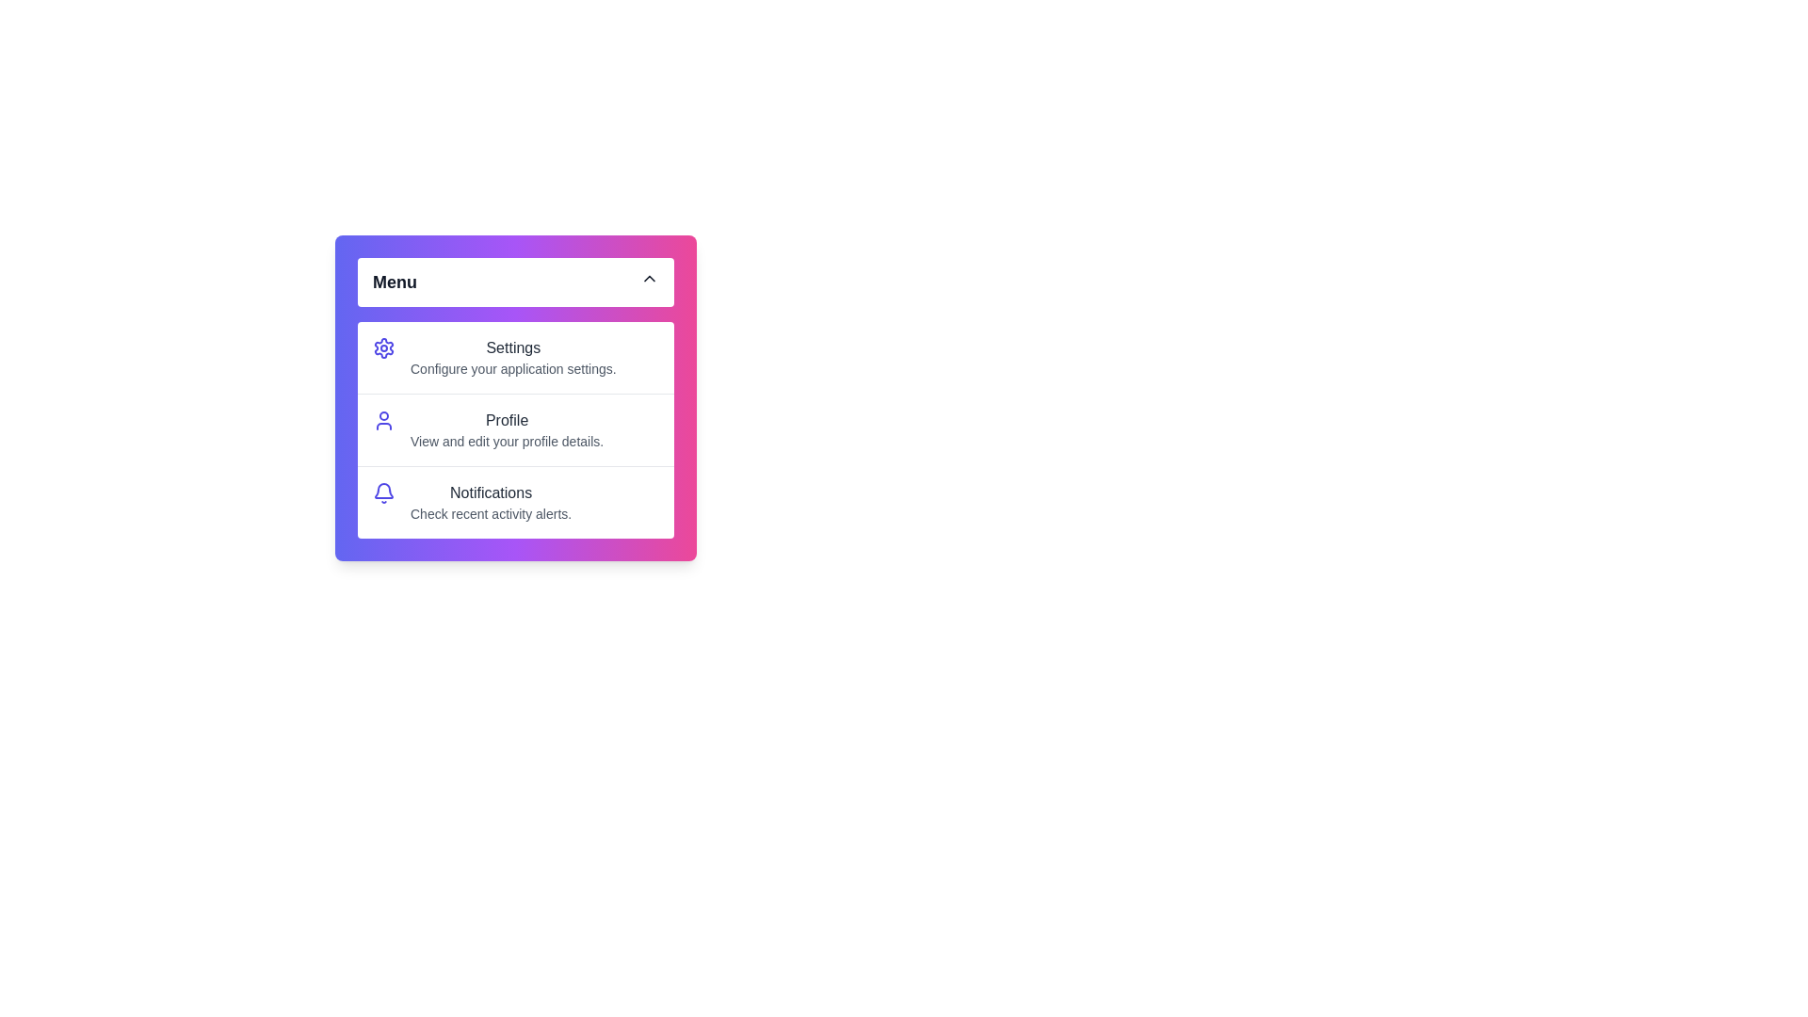 This screenshot has width=1808, height=1017. I want to click on the Notifications icon in the menu, so click(383, 492).